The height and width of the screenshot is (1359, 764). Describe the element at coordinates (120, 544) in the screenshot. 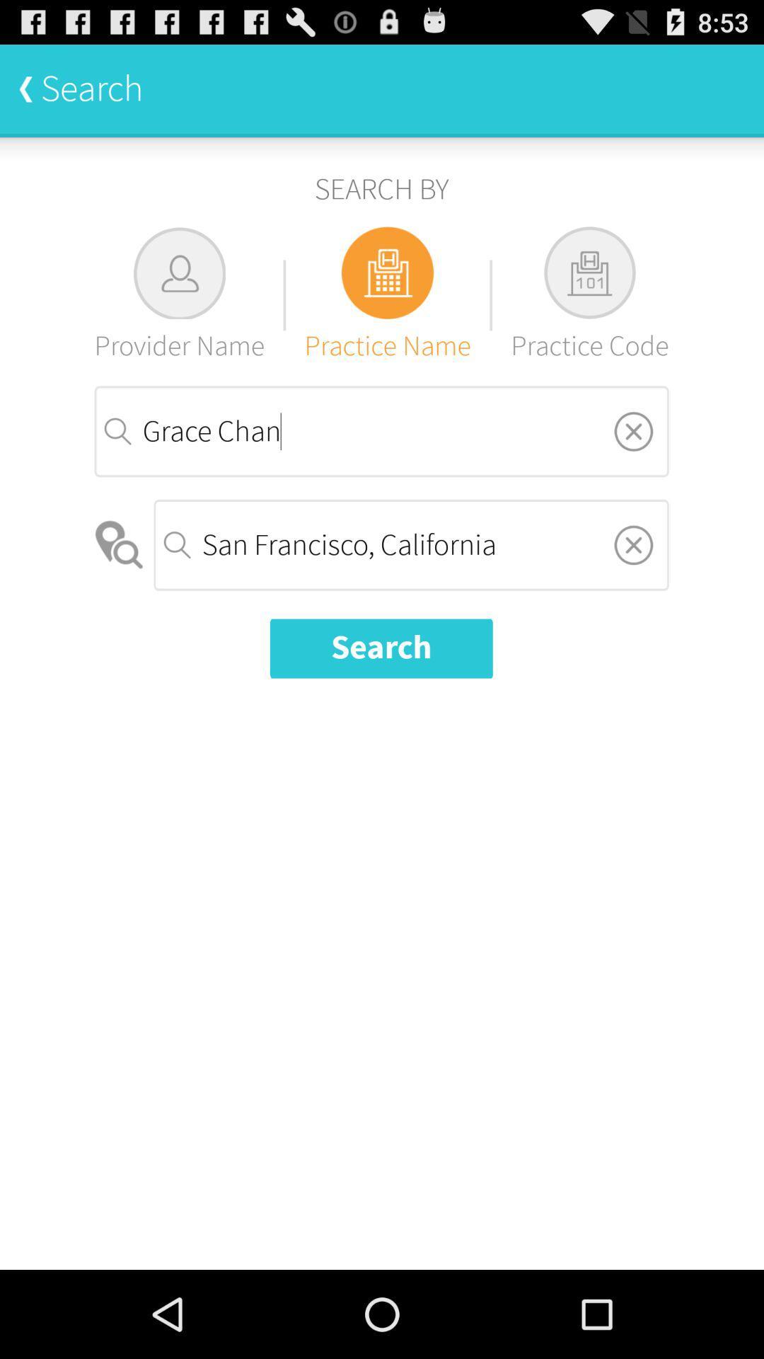

I see `the item to the left of the san francisco, california icon` at that location.